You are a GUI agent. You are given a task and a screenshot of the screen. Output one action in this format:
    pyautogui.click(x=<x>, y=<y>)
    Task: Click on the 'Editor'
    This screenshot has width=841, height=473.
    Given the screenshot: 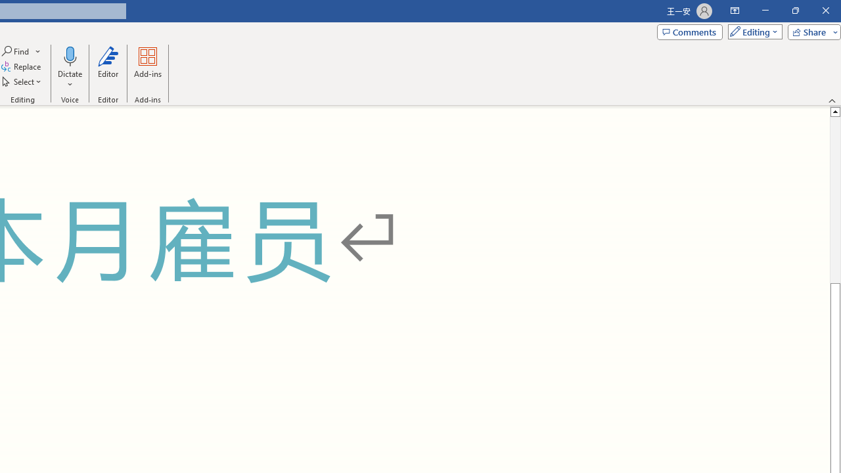 What is the action you would take?
    pyautogui.click(x=108, y=68)
    